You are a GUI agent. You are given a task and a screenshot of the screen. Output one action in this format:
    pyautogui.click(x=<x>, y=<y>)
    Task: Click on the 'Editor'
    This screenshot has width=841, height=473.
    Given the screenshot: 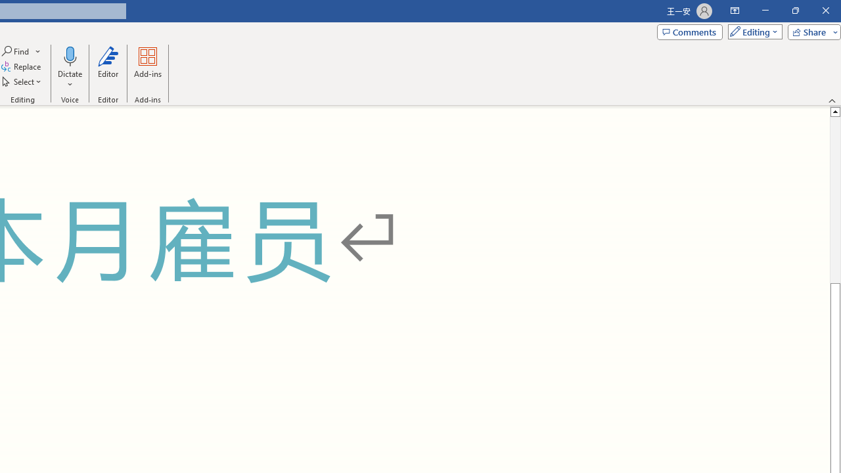 What is the action you would take?
    pyautogui.click(x=108, y=68)
    